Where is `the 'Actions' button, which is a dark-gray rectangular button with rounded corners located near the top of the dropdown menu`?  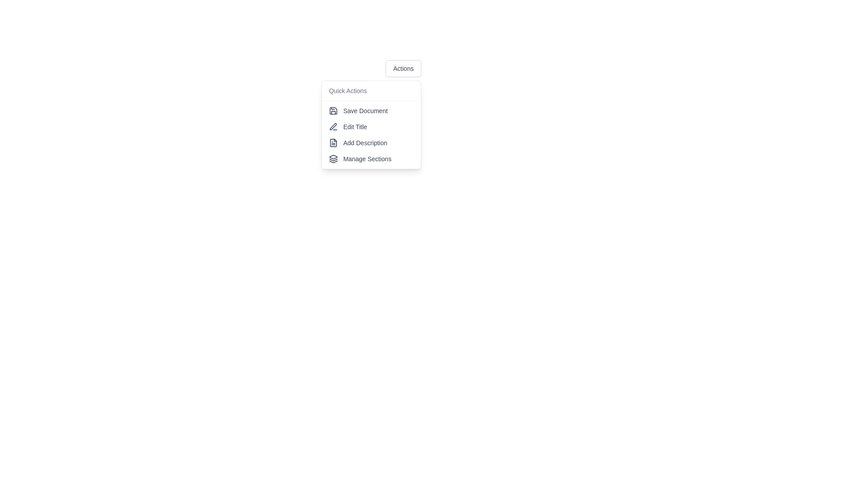
the 'Actions' button, which is a dark-gray rectangular button with rounded corners located near the top of the dropdown menu is located at coordinates (403, 68).